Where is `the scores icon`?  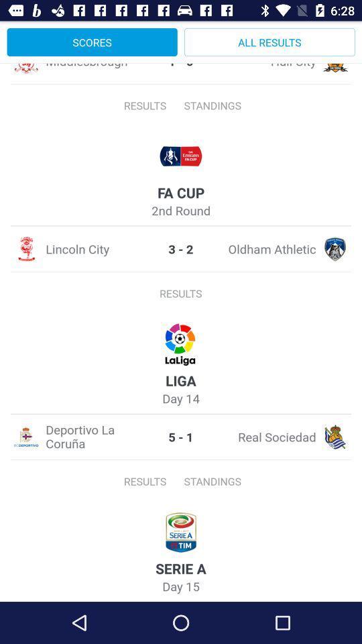 the scores icon is located at coordinates (91, 42).